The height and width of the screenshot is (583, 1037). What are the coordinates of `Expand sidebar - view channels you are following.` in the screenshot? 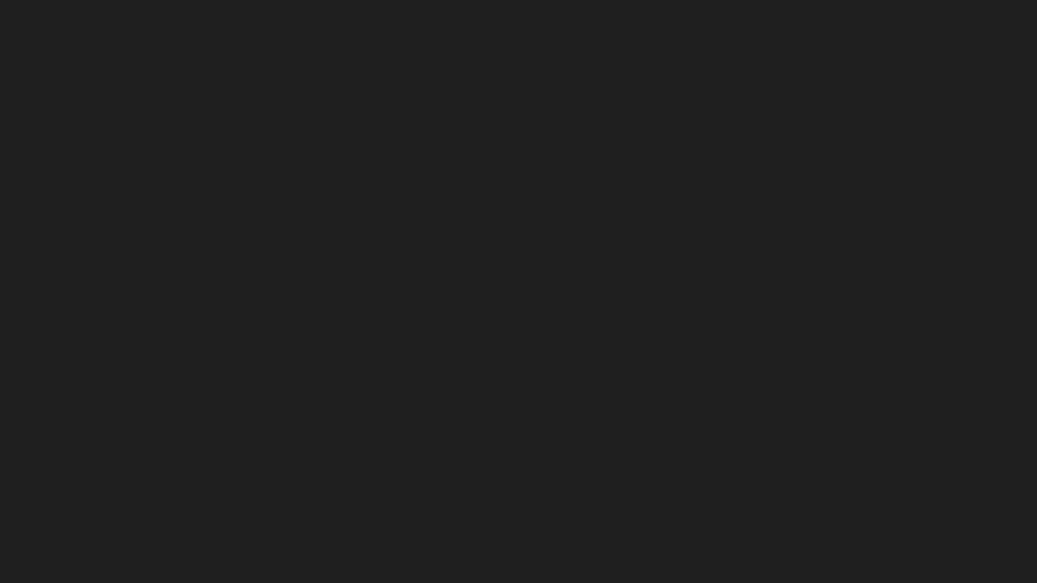 It's located at (25, 16).